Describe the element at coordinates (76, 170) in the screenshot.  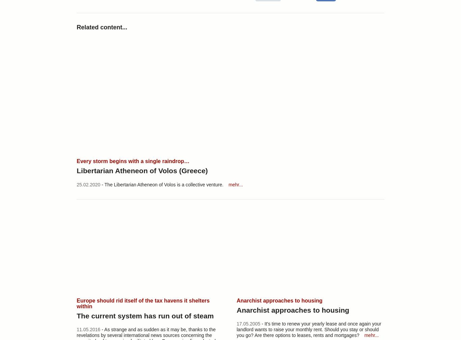
I see `'Libertarian Atheneon of Volos (Greece)'` at that location.